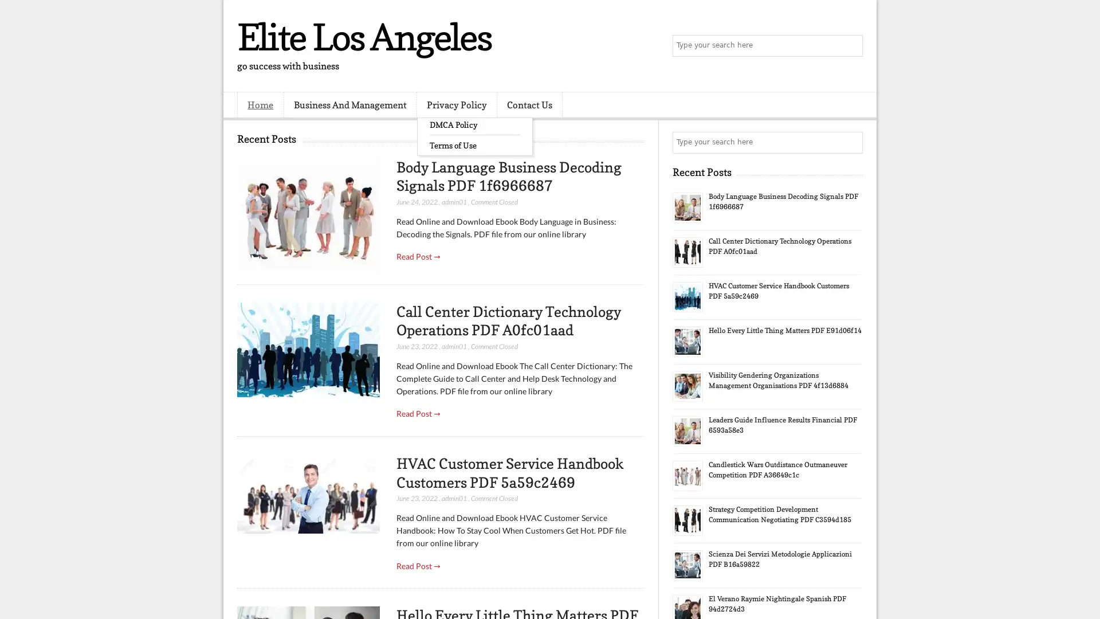 The width and height of the screenshot is (1100, 619). What do you see at coordinates (851, 46) in the screenshot?
I see `Search` at bounding box center [851, 46].